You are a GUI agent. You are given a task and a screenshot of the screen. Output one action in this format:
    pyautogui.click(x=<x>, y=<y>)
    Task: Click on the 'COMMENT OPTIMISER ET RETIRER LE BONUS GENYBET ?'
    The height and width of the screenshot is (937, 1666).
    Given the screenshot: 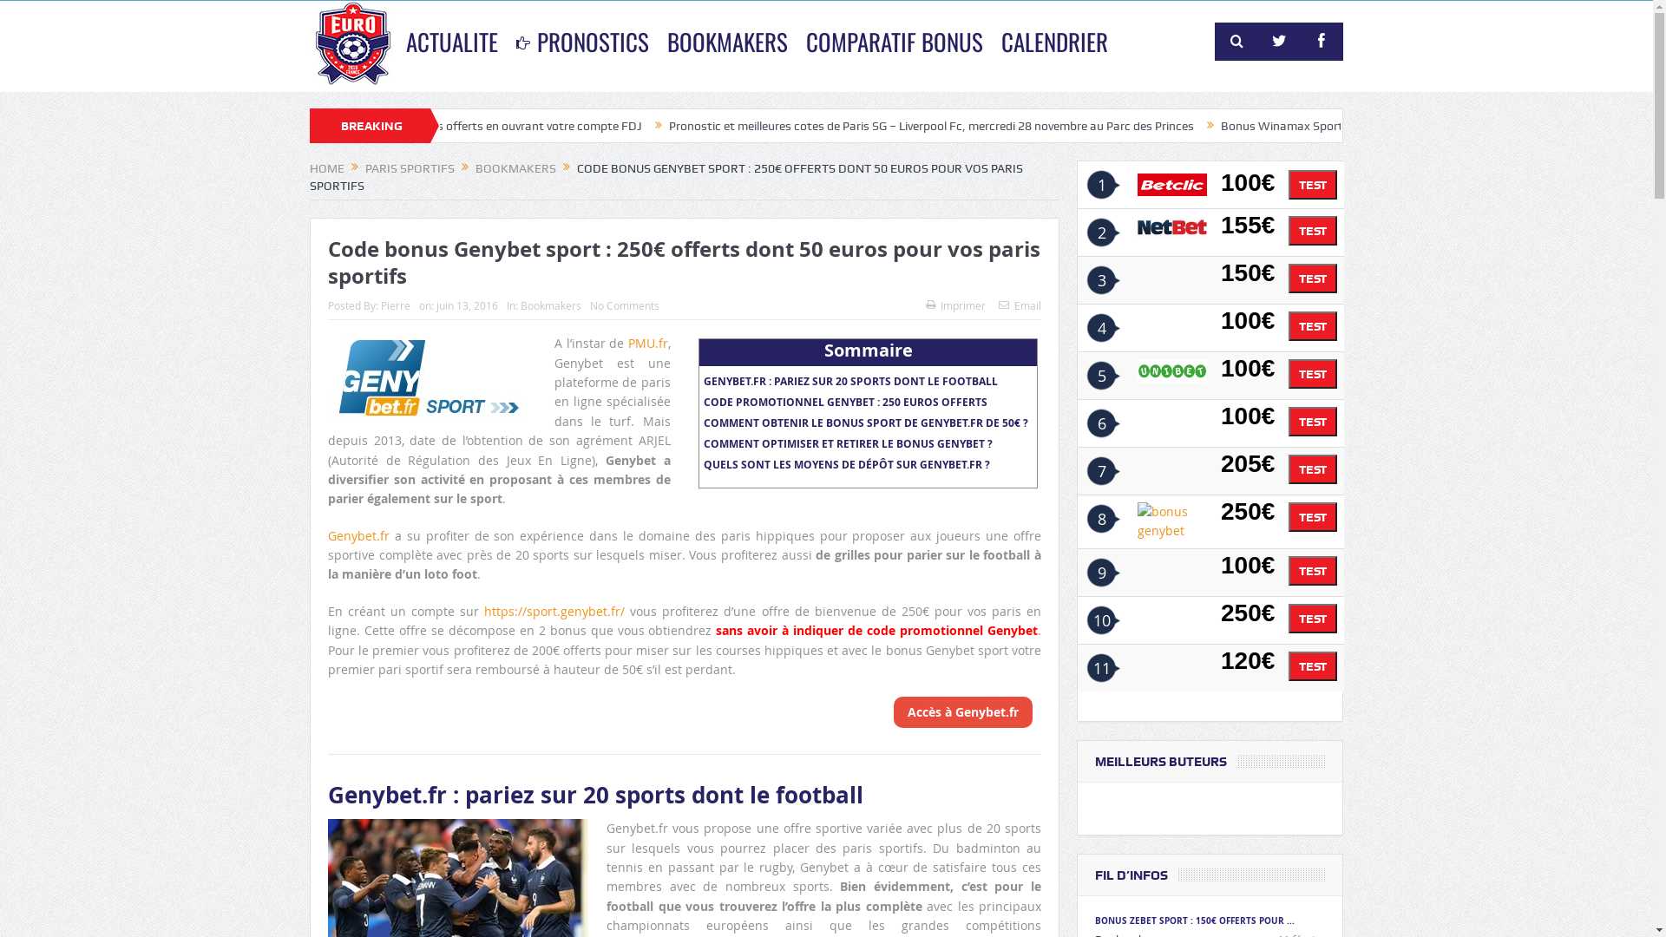 What is the action you would take?
    pyautogui.click(x=848, y=442)
    